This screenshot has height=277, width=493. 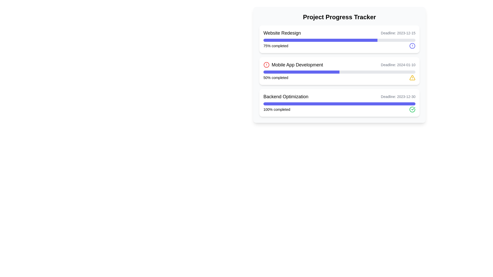 I want to click on the green checkmark icon that indicates successful completion, located at the far right of the blue progress bar, so click(x=413, y=108).